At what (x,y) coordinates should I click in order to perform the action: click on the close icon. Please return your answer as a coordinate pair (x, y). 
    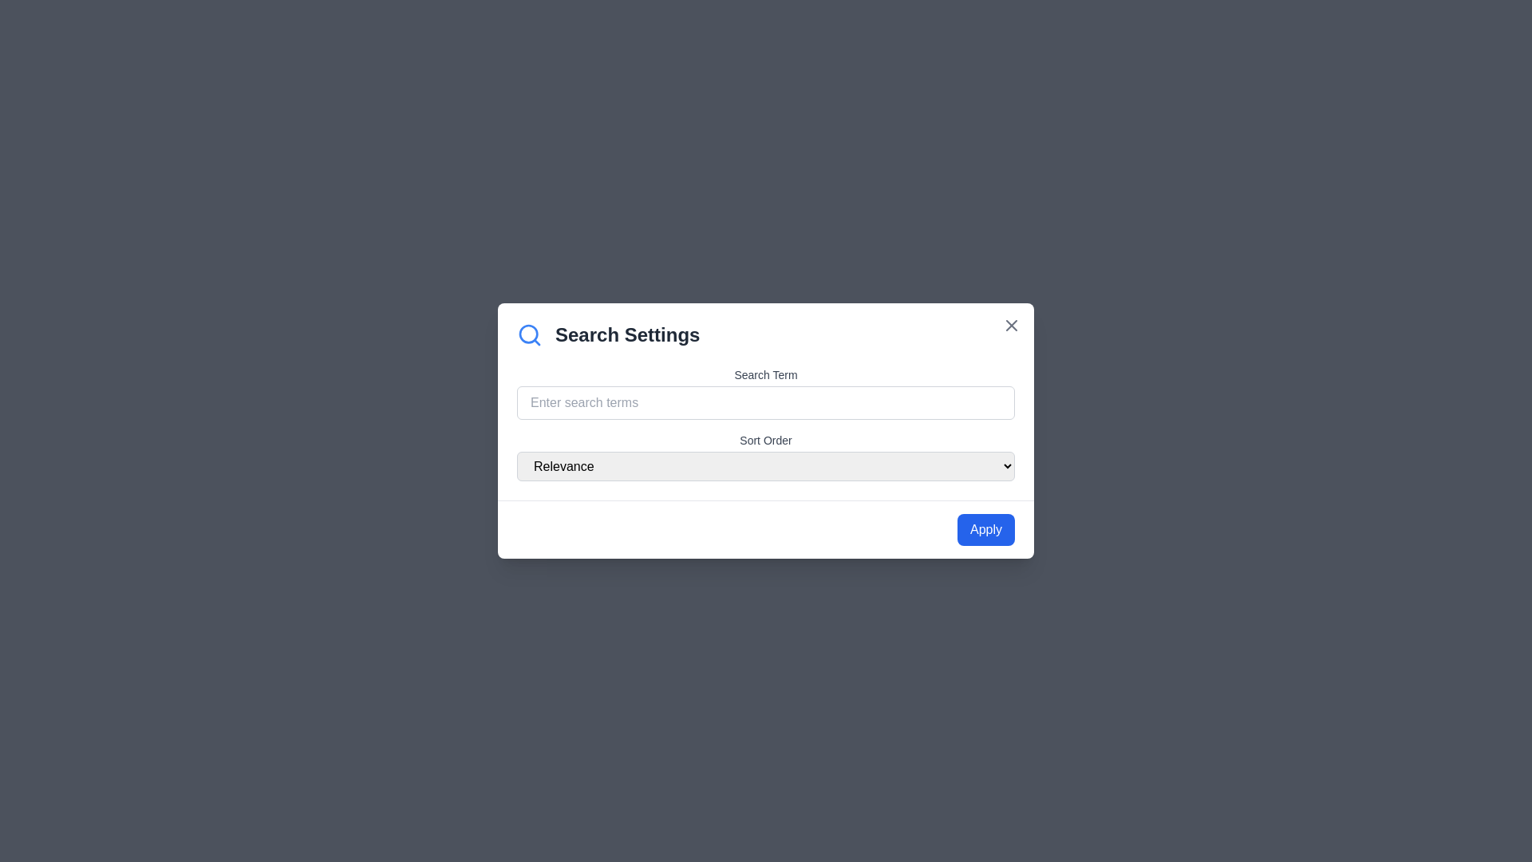
    Looking at the image, I should click on (1010, 325).